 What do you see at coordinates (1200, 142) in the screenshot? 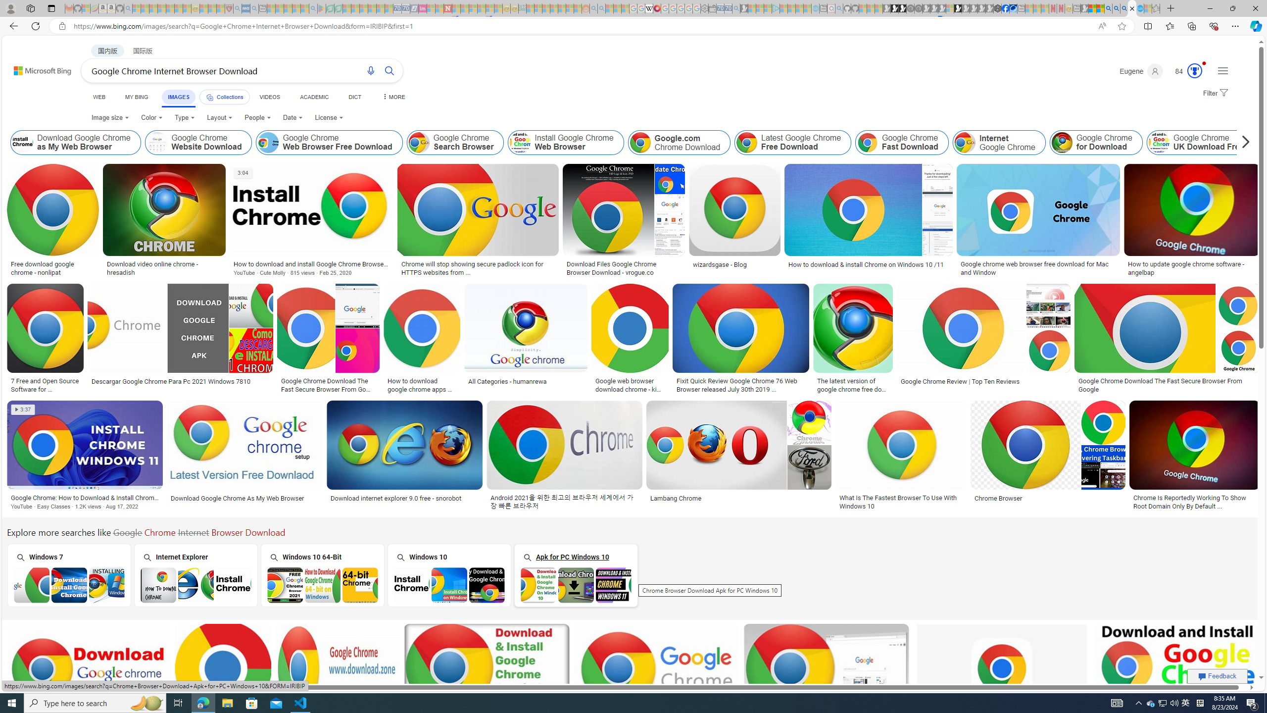
I see `'Class: item col'` at bounding box center [1200, 142].